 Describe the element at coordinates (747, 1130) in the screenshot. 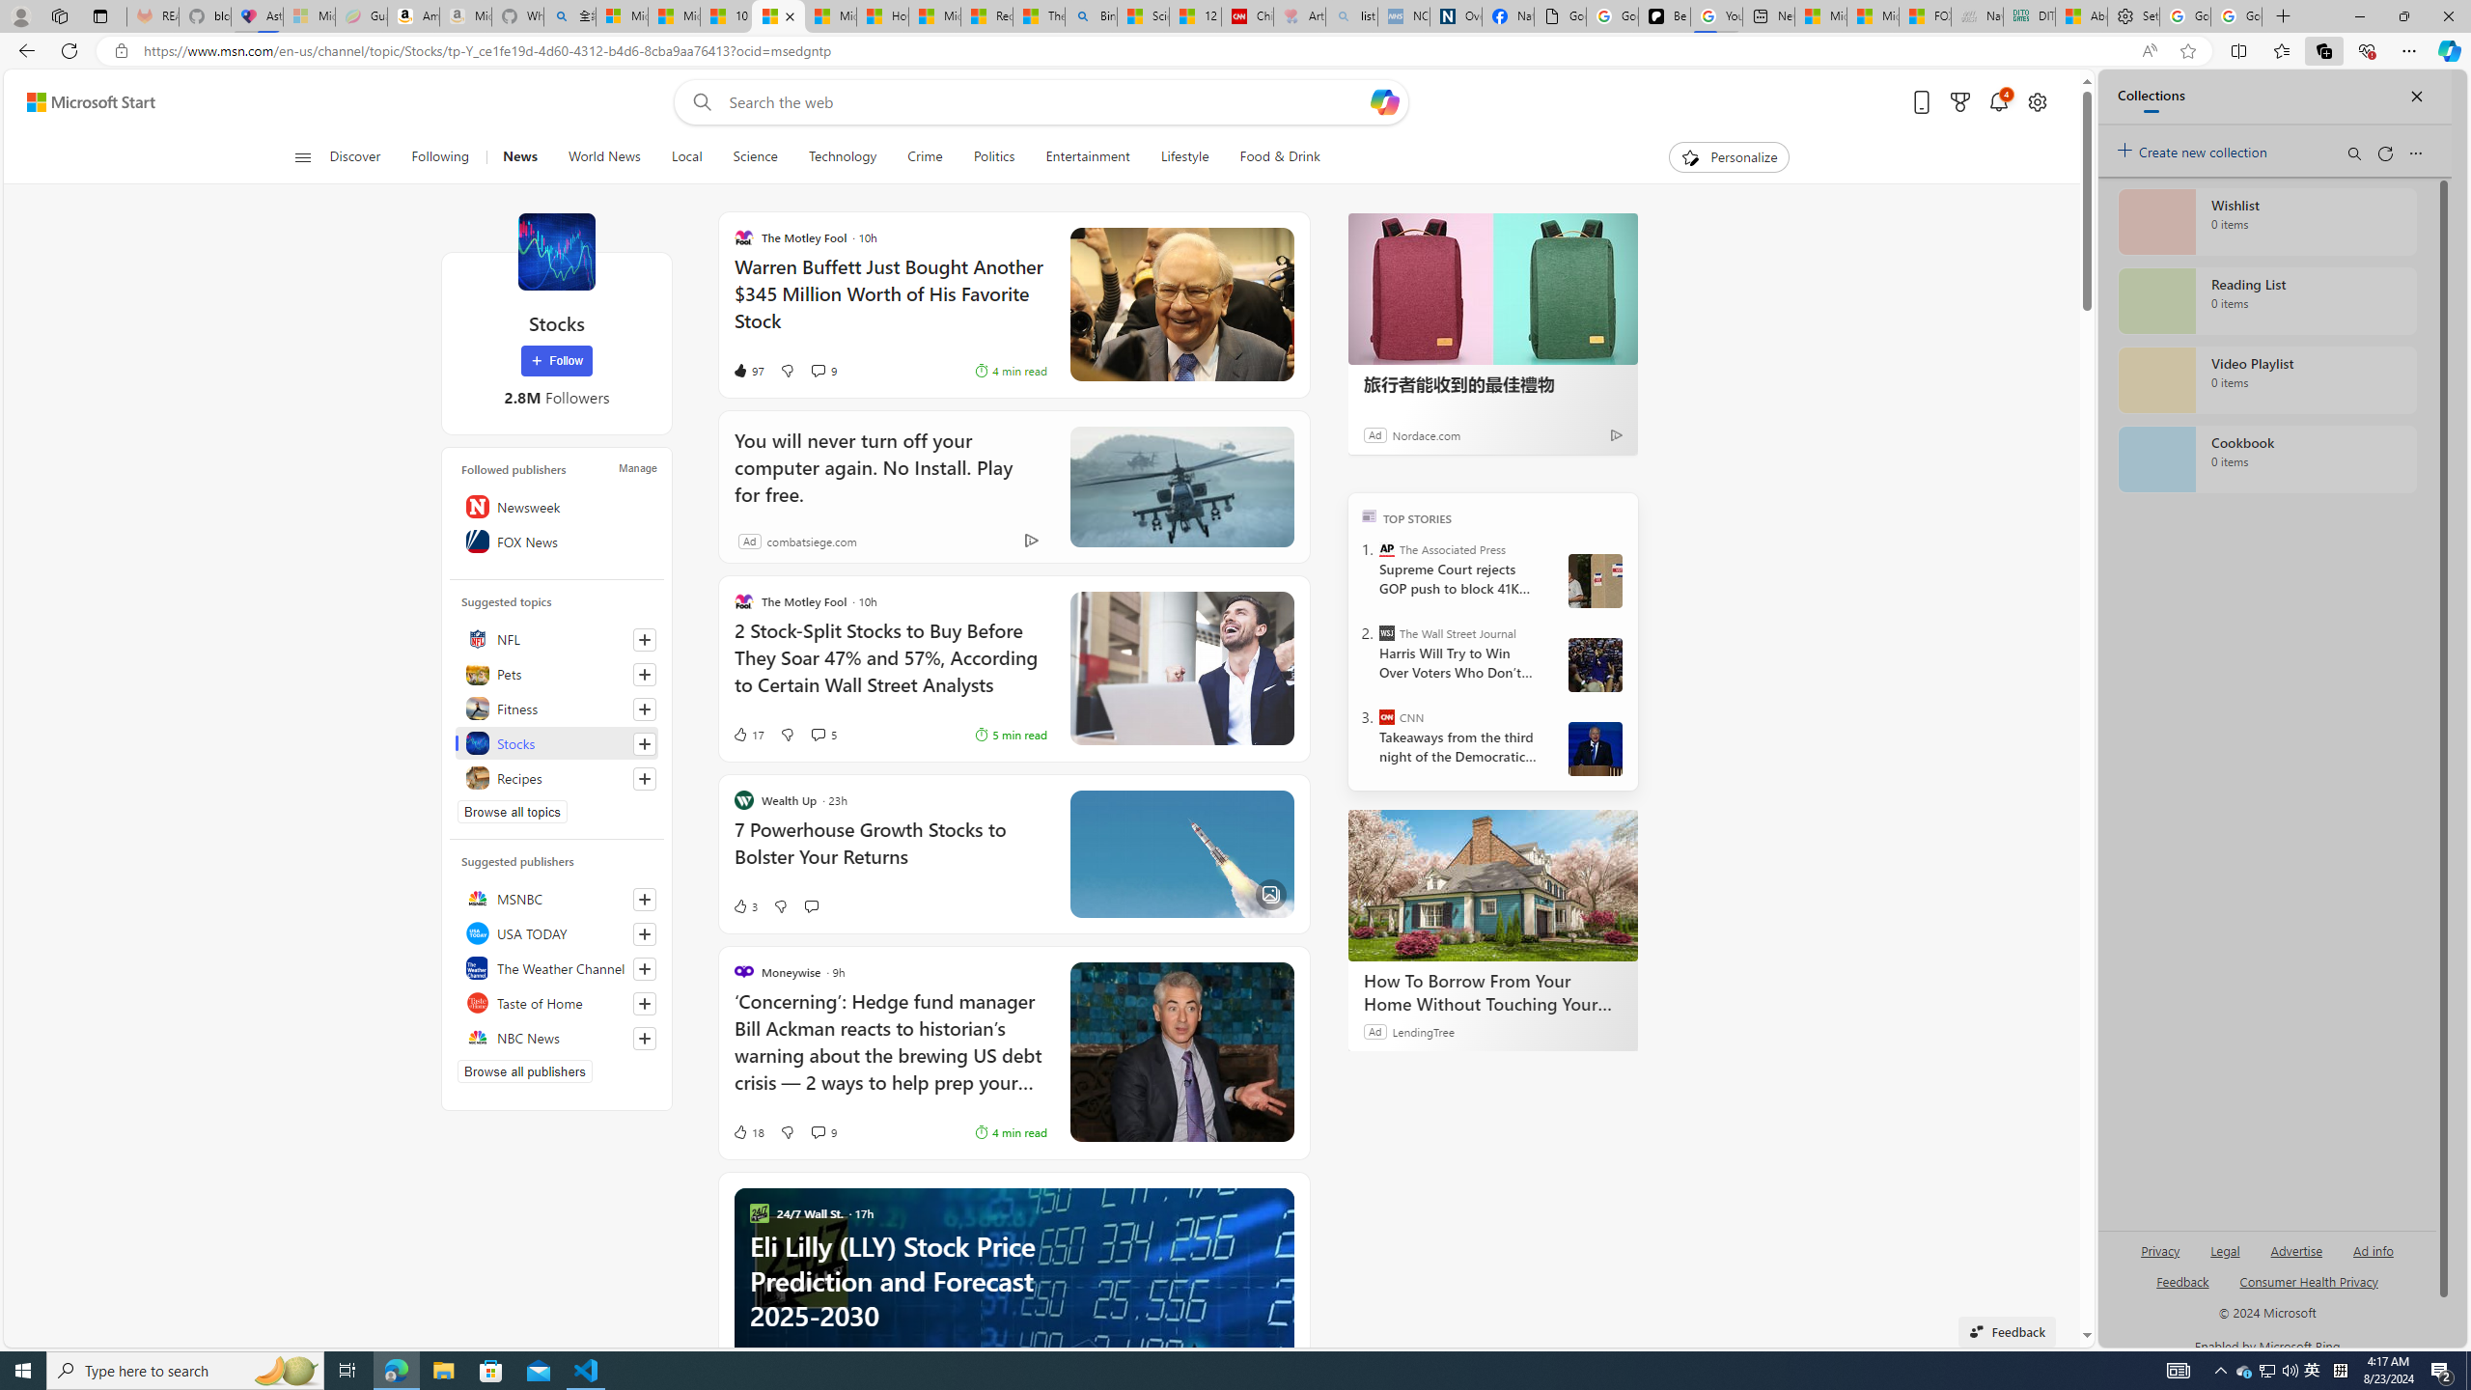

I see `'18 Like'` at that location.